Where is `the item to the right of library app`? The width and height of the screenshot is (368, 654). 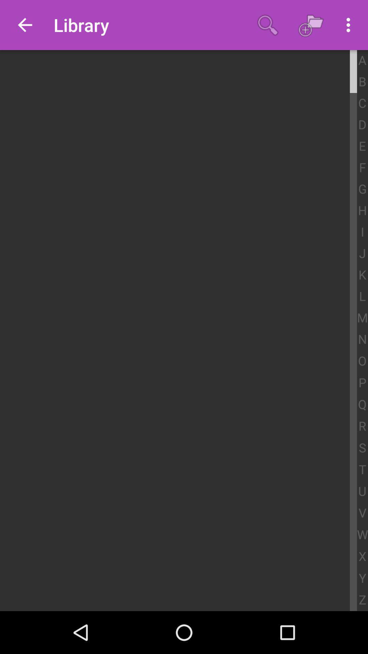
the item to the right of library app is located at coordinates (267, 25).